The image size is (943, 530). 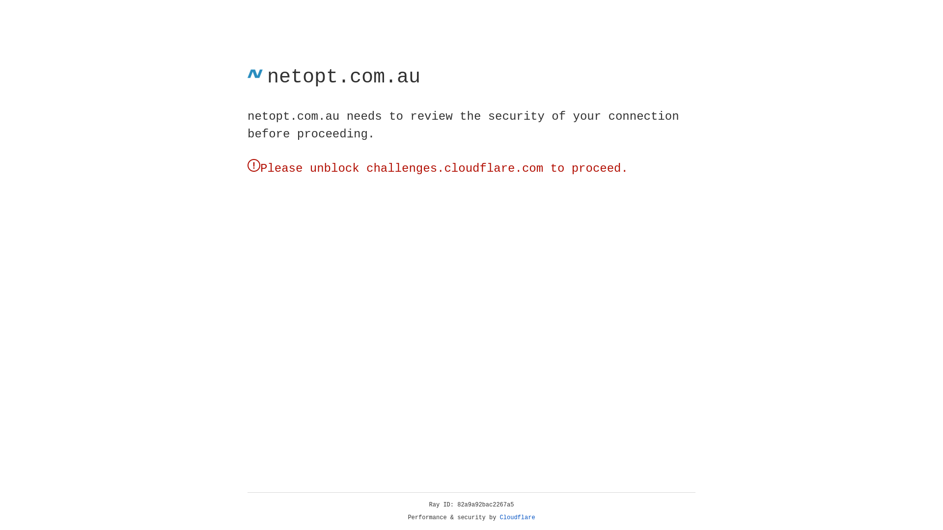 What do you see at coordinates (499, 517) in the screenshot?
I see `'Cloudflare'` at bounding box center [499, 517].